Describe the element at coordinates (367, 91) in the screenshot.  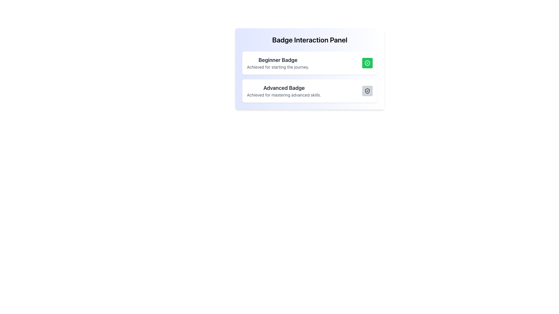
I see `the icon that signifies information or status related to the 'Advanced Badge', located at the far-right of the 'Advanced Badge' row` at that location.